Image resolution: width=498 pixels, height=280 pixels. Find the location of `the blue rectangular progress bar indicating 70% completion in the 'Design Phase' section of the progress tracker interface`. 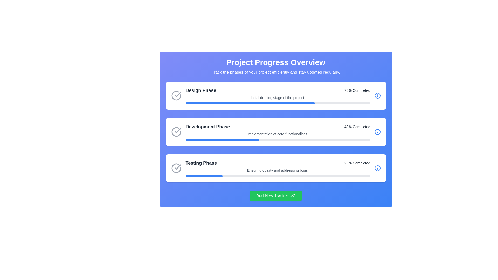

the blue rectangular progress bar indicating 70% completion in the 'Design Phase' section of the progress tracker interface is located at coordinates (250, 103).